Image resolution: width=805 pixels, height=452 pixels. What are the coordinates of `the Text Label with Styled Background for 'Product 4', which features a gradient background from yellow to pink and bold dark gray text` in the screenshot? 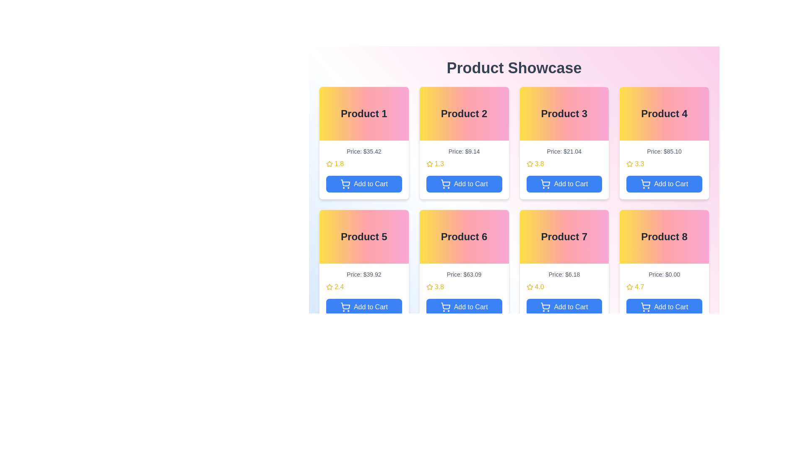 It's located at (664, 114).